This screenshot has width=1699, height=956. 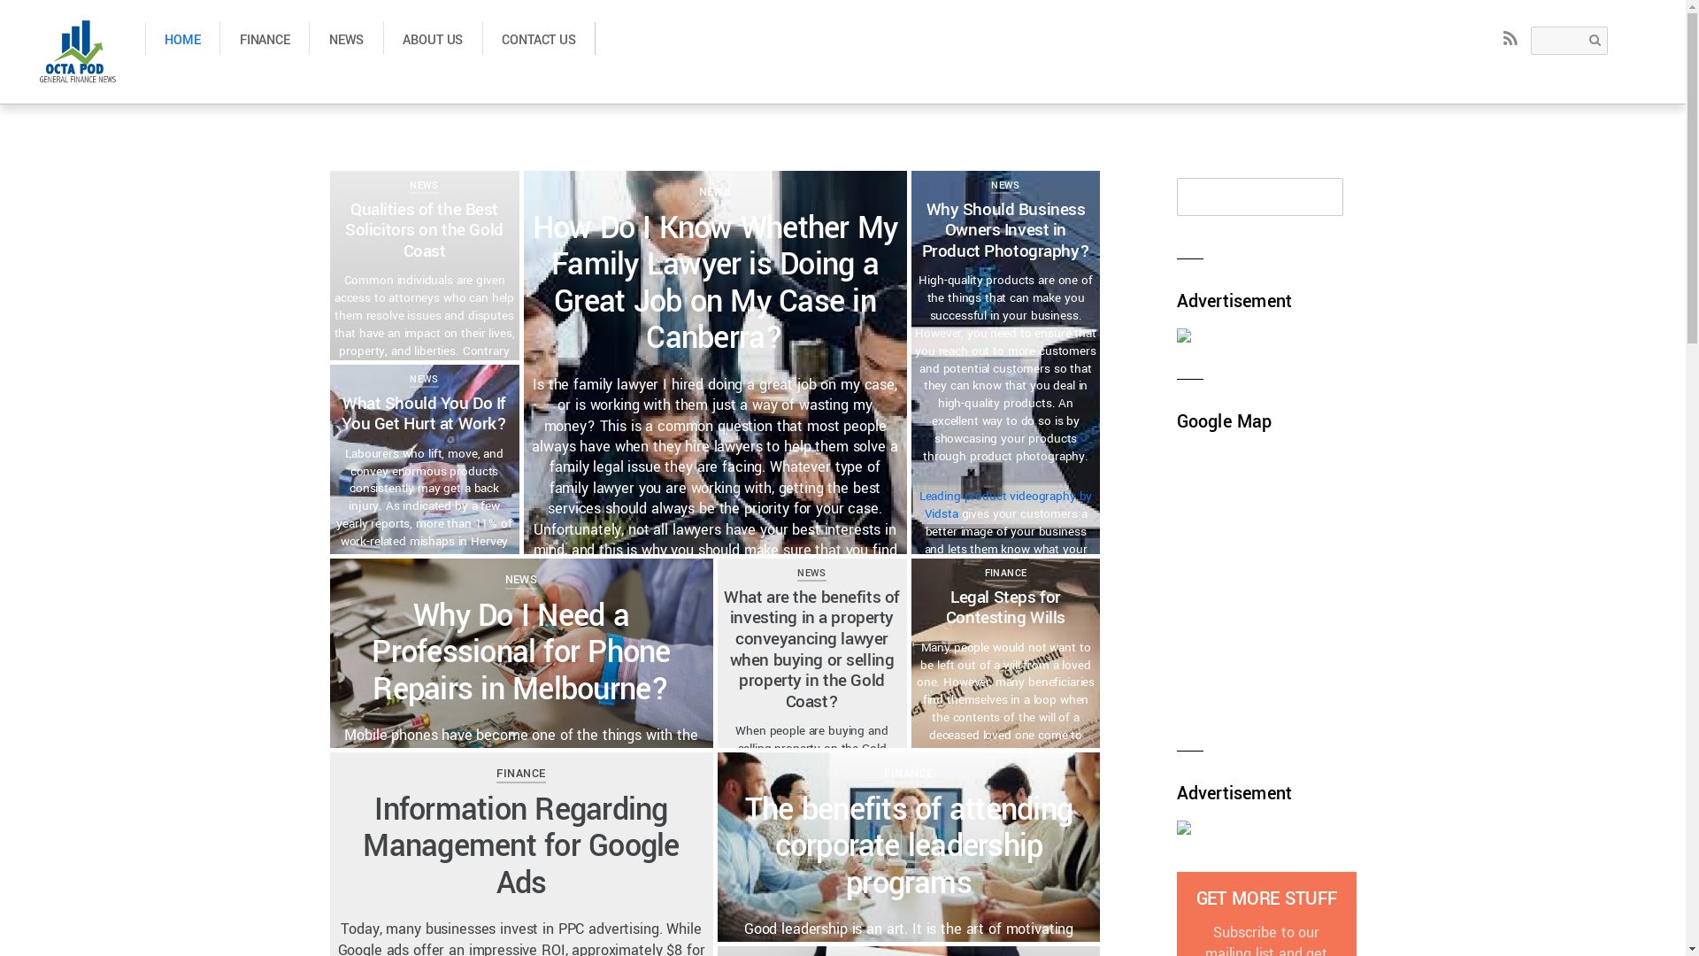 I want to click on 'Search', so click(x=1259, y=197).